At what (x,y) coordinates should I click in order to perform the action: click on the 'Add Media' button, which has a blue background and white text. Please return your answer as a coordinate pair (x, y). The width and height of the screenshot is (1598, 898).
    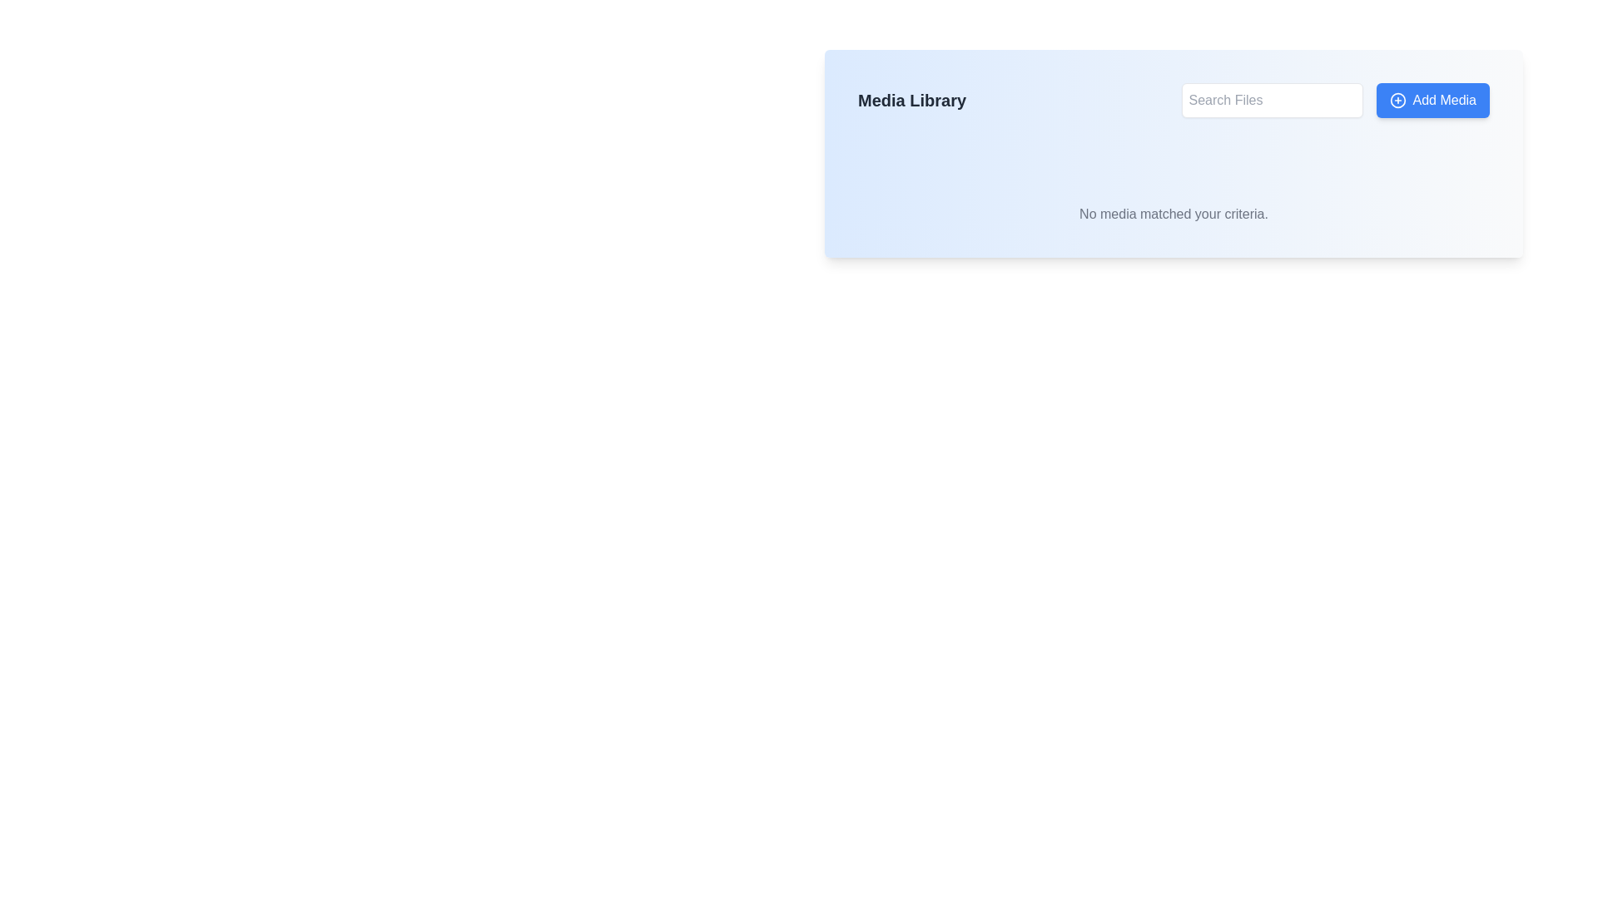
    Looking at the image, I should click on (1432, 100).